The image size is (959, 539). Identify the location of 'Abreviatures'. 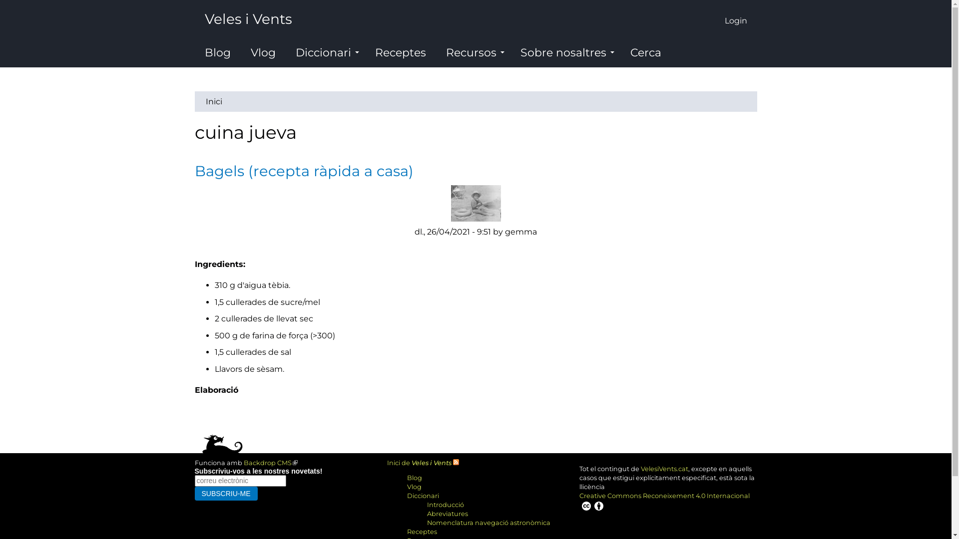
(447, 514).